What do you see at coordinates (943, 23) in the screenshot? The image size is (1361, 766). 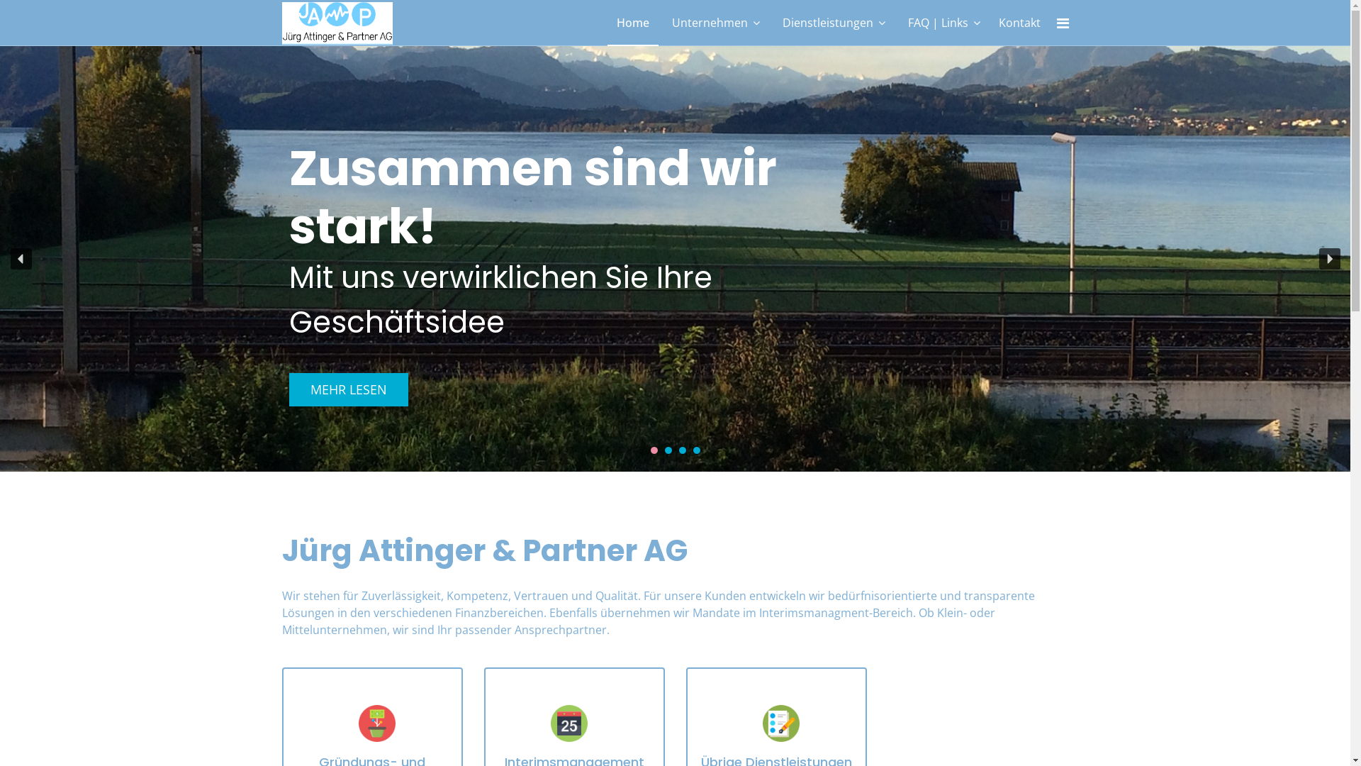 I see `'FAQ | Links'` at bounding box center [943, 23].